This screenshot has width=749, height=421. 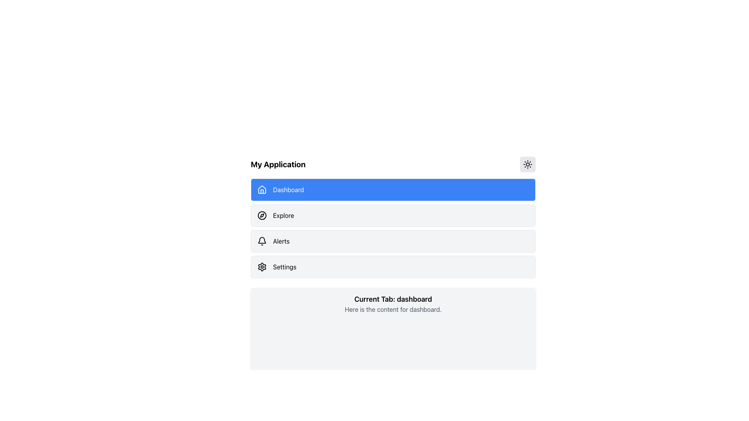 I want to click on 'Dashboard' label element which is the rightmost item in the first row of the vertical menu, indicating the section of the application, so click(x=288, y=189).